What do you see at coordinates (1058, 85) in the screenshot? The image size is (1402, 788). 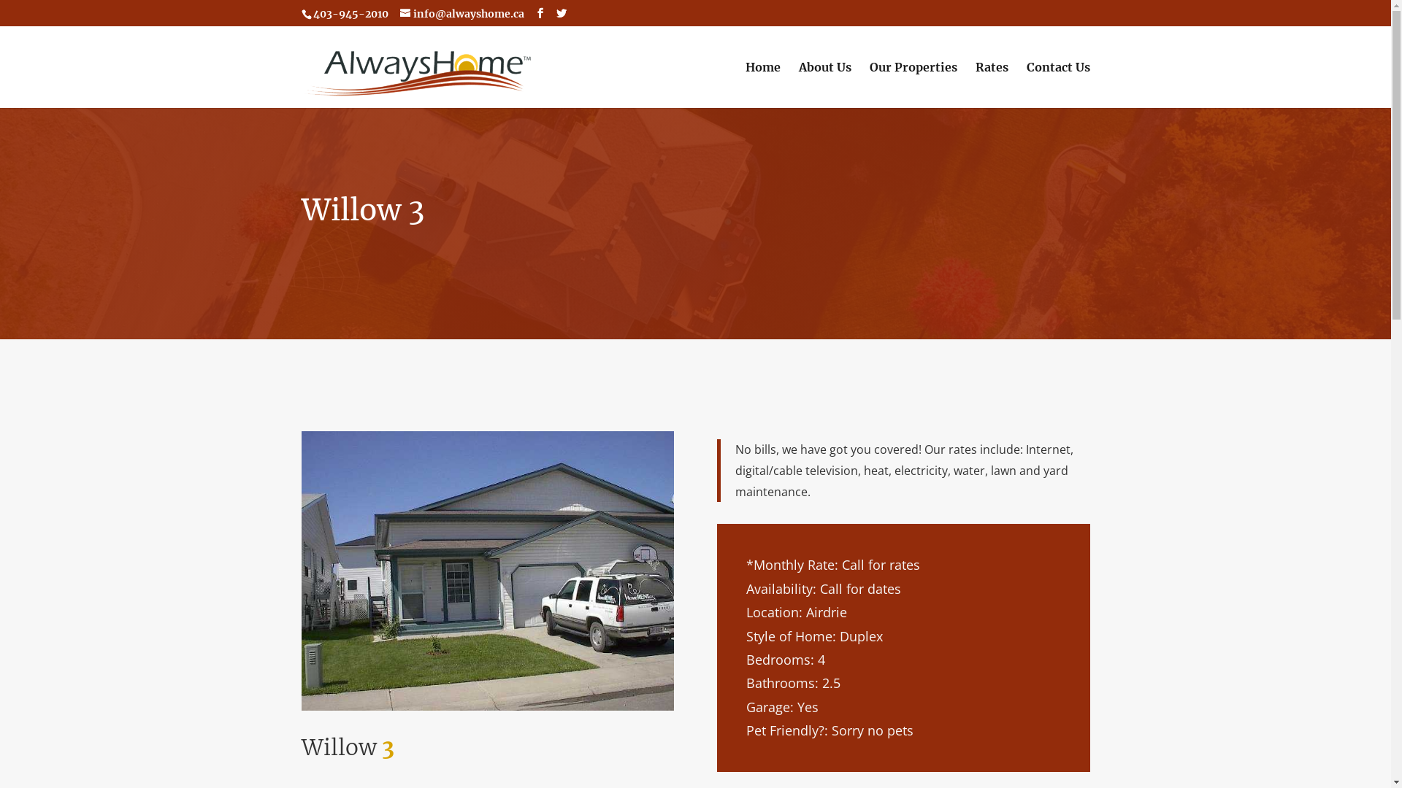 I see `'Contact Us'` at bounding box center [1058, 85].